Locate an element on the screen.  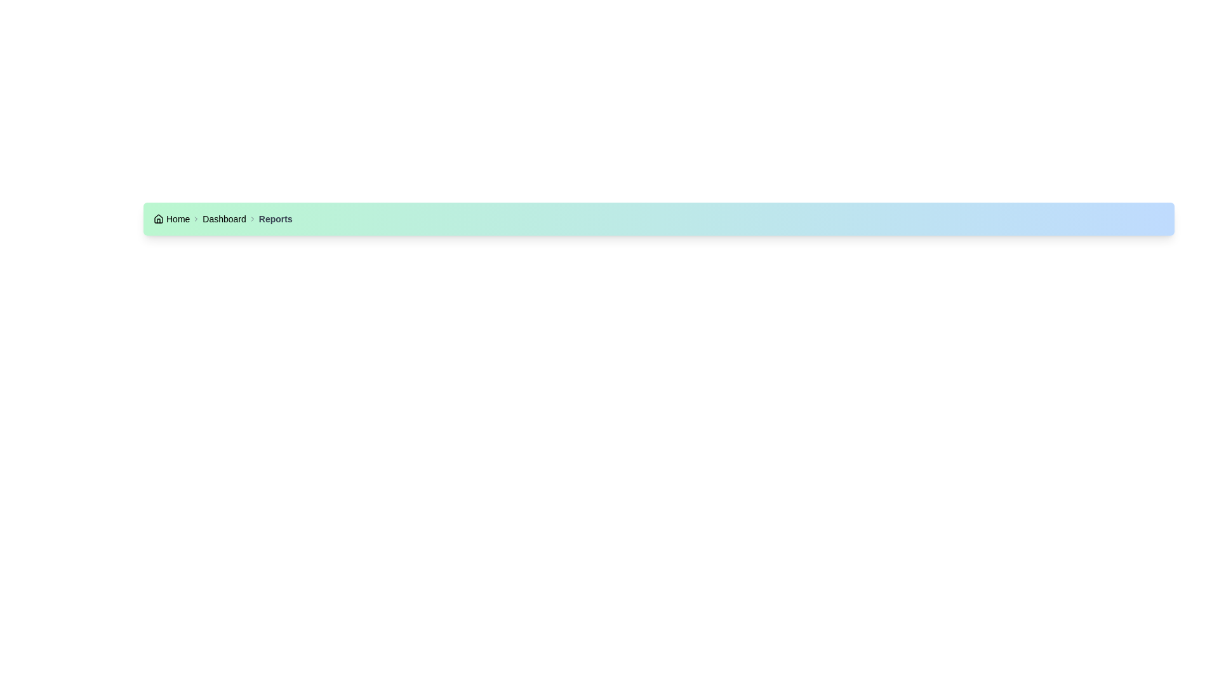
the 'Reports' label in the breadcrumb navigation, which indicates the current page's name and is positioned on the rightmost side among the breadcrumb links is located at coordinates (275, 218).